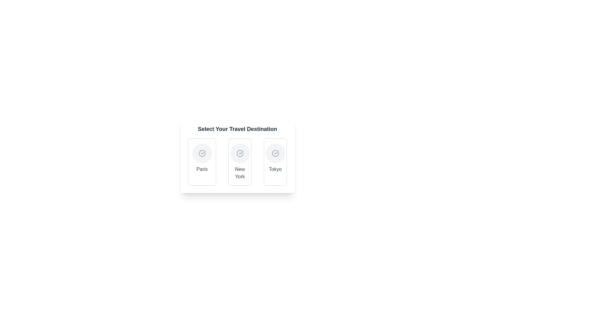  What do you see at coordinates (202, 153) in the screenshot?
I see `the circular icon with a check mark inside it, located within the 'Paris' section of the card under 'Select Your Travel Destination', to interact with it if enabled` at bounding box center [202, 153].